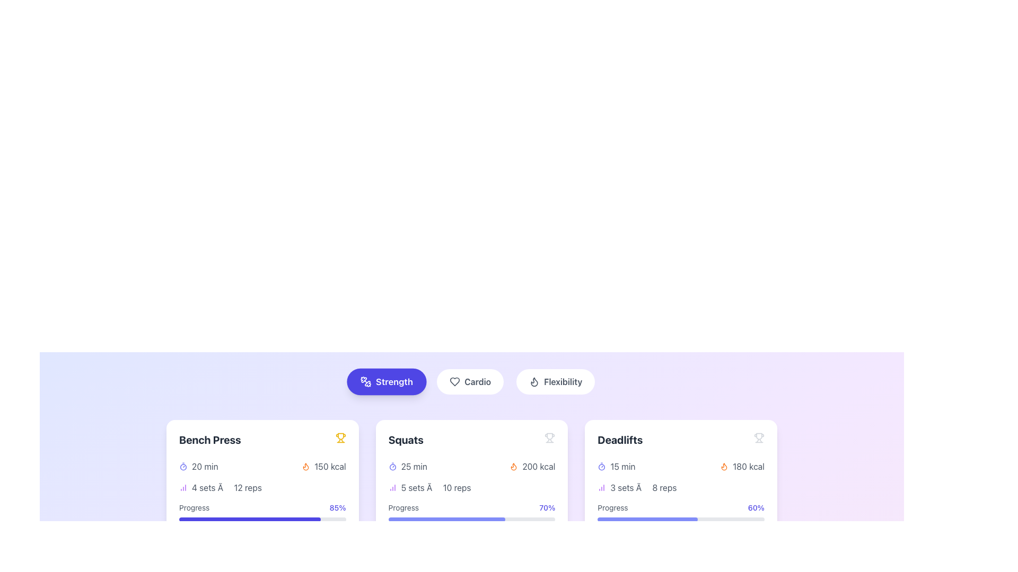 The height and width of the screenshot is (572, 1018). I want to click on the circular outline icon within the timer icon located in the upper right corner of the 'Deadlifts' card in the Strength section of the fitness application interface, so click(602, 467).